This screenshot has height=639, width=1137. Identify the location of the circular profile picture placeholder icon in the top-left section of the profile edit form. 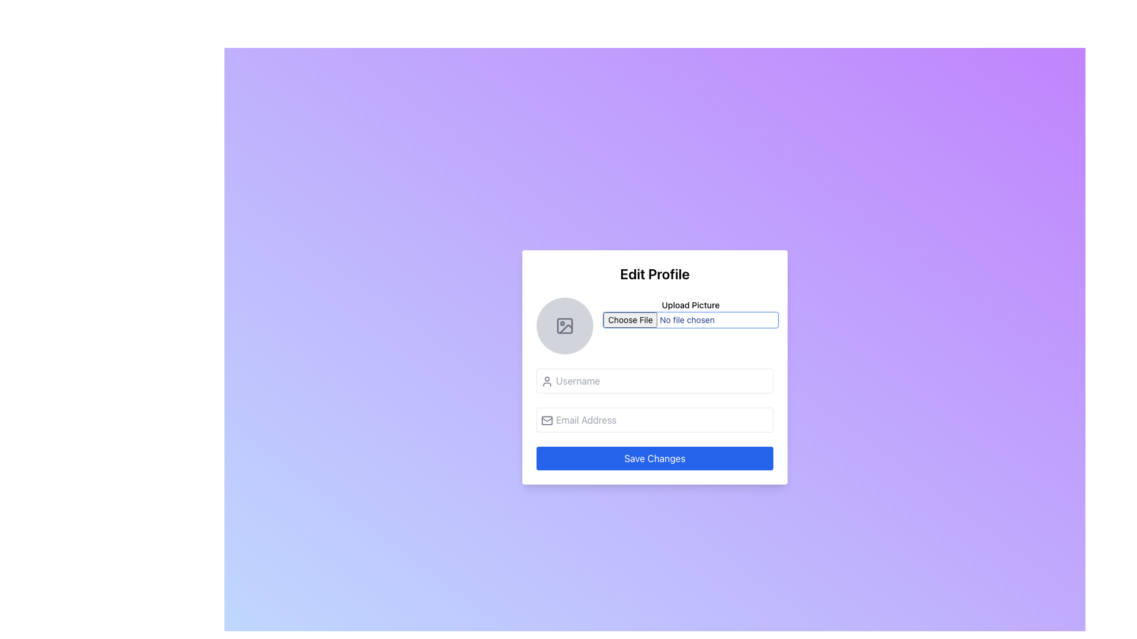
(564, 326).